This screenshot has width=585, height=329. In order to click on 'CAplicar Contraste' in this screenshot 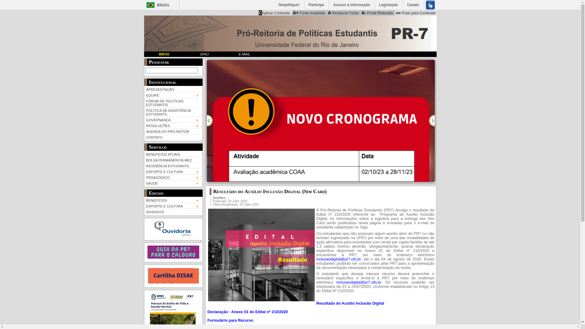, I will do `click(274, 13)`.